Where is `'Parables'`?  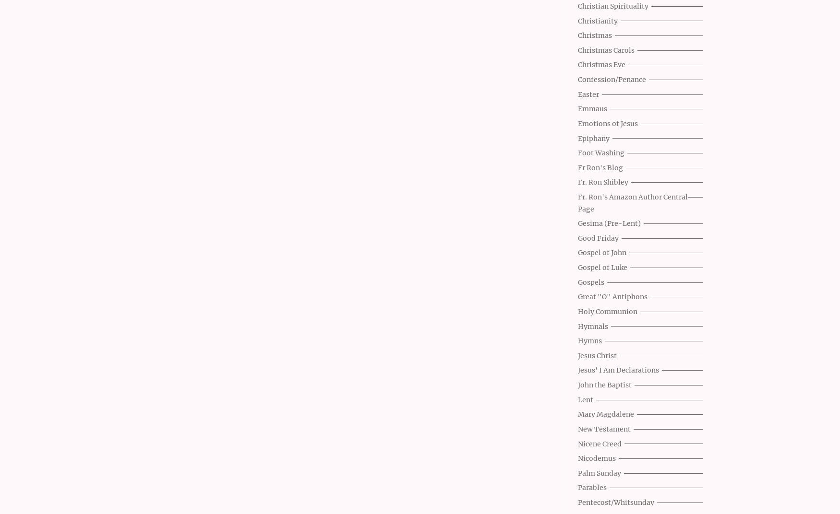 'Parables' is located at coordinates (592, 488).